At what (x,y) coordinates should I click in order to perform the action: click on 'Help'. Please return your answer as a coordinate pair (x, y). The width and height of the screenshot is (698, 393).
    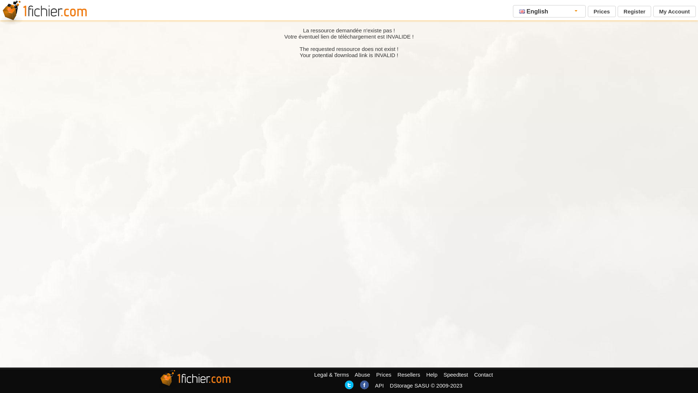
    Looking at the image, I should click on (432, 374).